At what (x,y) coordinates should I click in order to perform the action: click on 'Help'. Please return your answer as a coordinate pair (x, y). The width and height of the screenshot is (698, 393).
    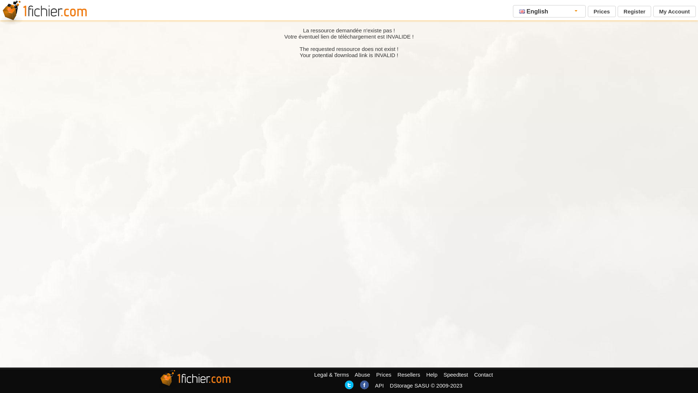
    Looking at the image, I should click on (432, 374).